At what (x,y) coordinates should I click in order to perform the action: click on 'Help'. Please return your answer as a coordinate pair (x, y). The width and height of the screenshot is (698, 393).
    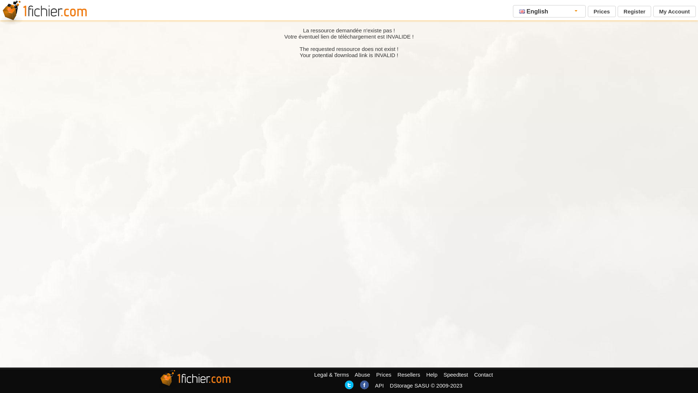
    Looking at the image, I should click on (432, 374).